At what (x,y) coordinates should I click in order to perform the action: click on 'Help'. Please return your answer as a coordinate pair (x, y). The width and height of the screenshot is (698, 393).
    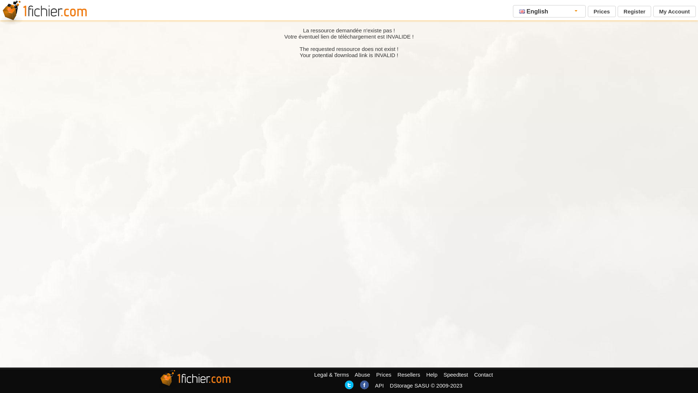
    Looking at the image, I should click on (432, 374).